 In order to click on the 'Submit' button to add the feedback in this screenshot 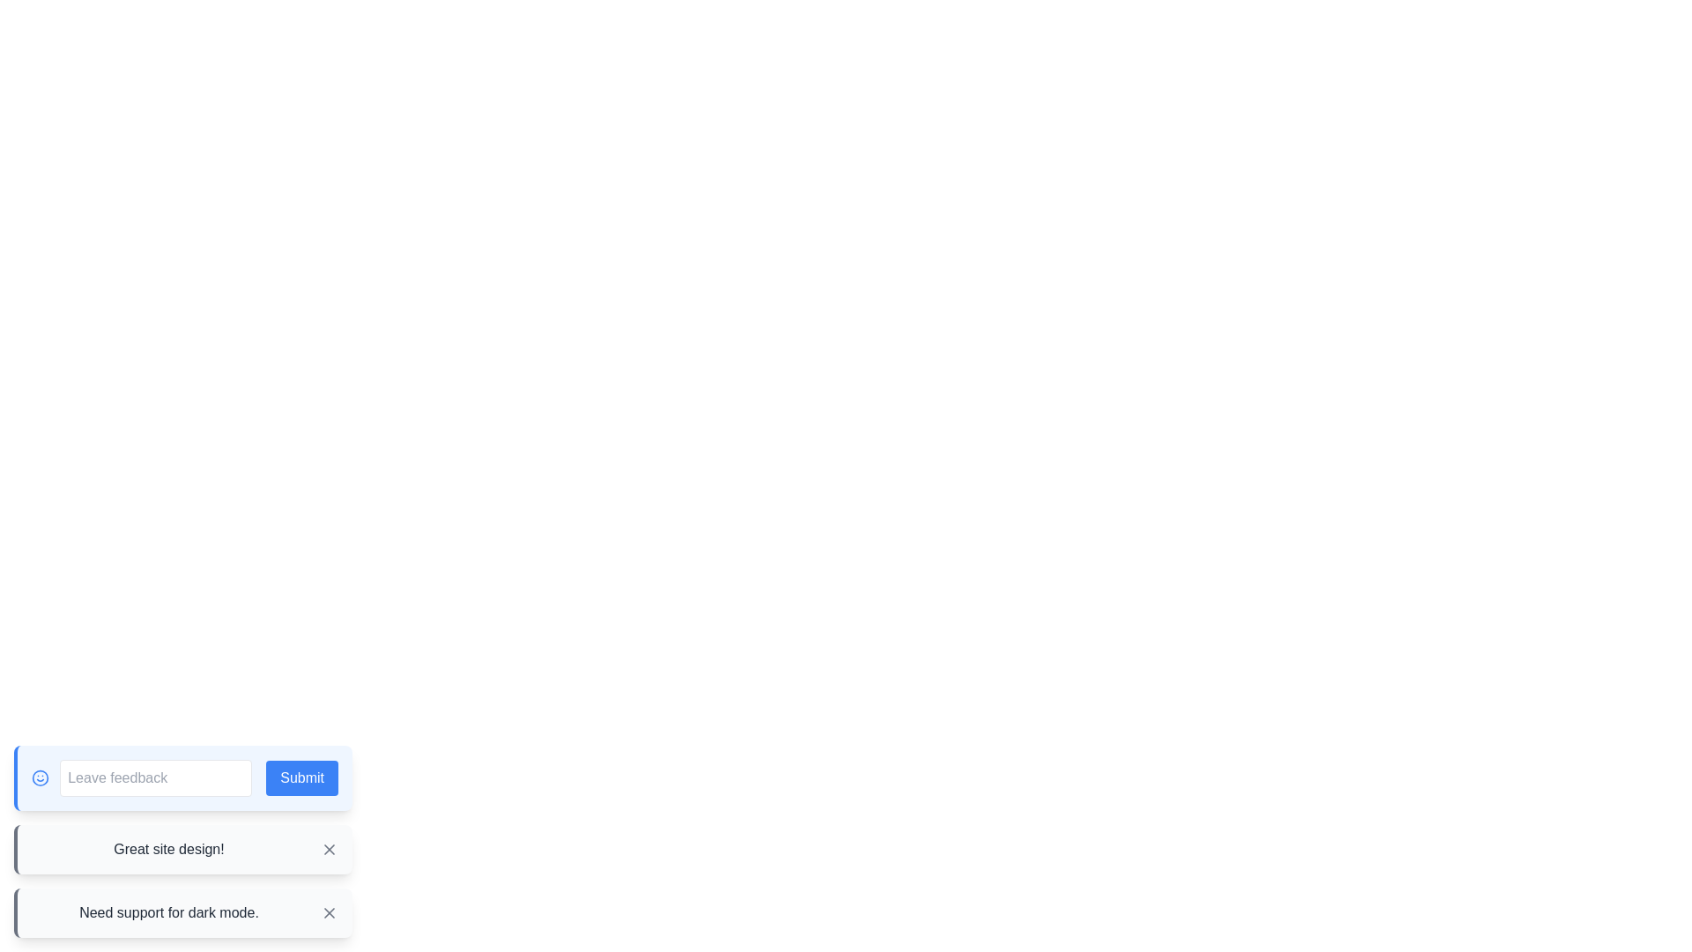, I will do `click(302, 777)`.